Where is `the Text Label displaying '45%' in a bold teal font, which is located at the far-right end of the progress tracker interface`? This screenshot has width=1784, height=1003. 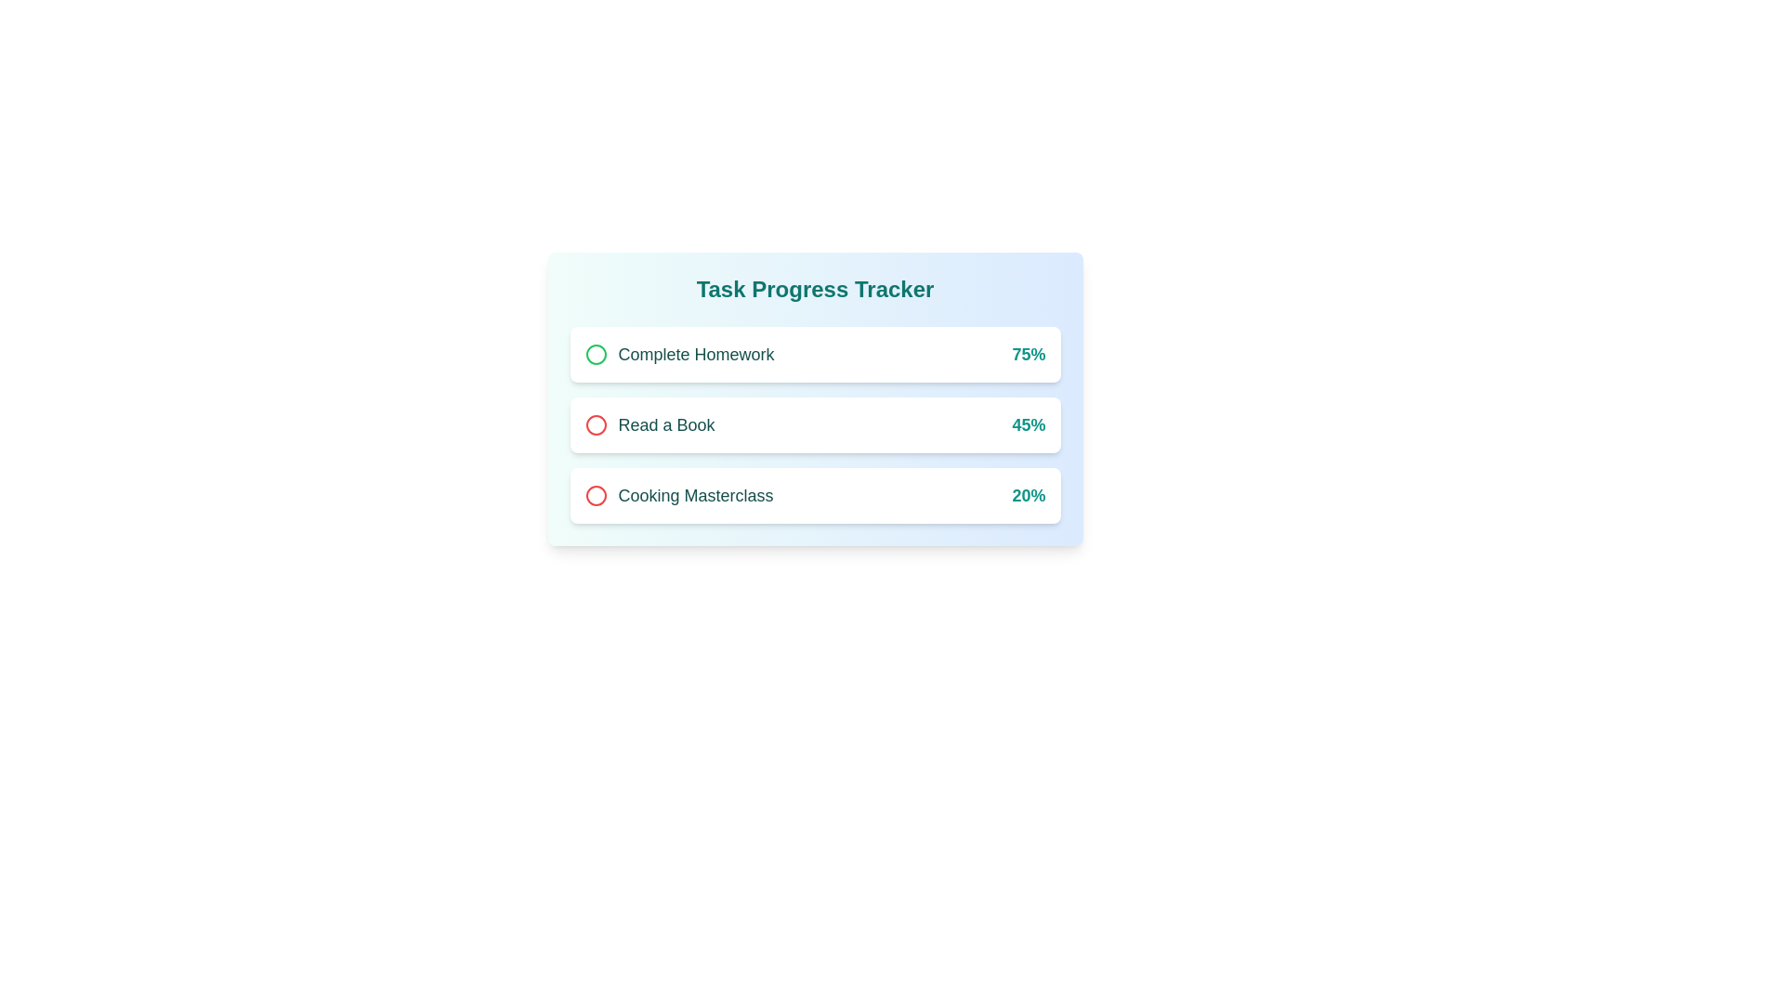
the Text Label displaying '45%' in a bold teal font, which is located at the far-right end of the progress tracker interface is located at coordinates (1028, 425).